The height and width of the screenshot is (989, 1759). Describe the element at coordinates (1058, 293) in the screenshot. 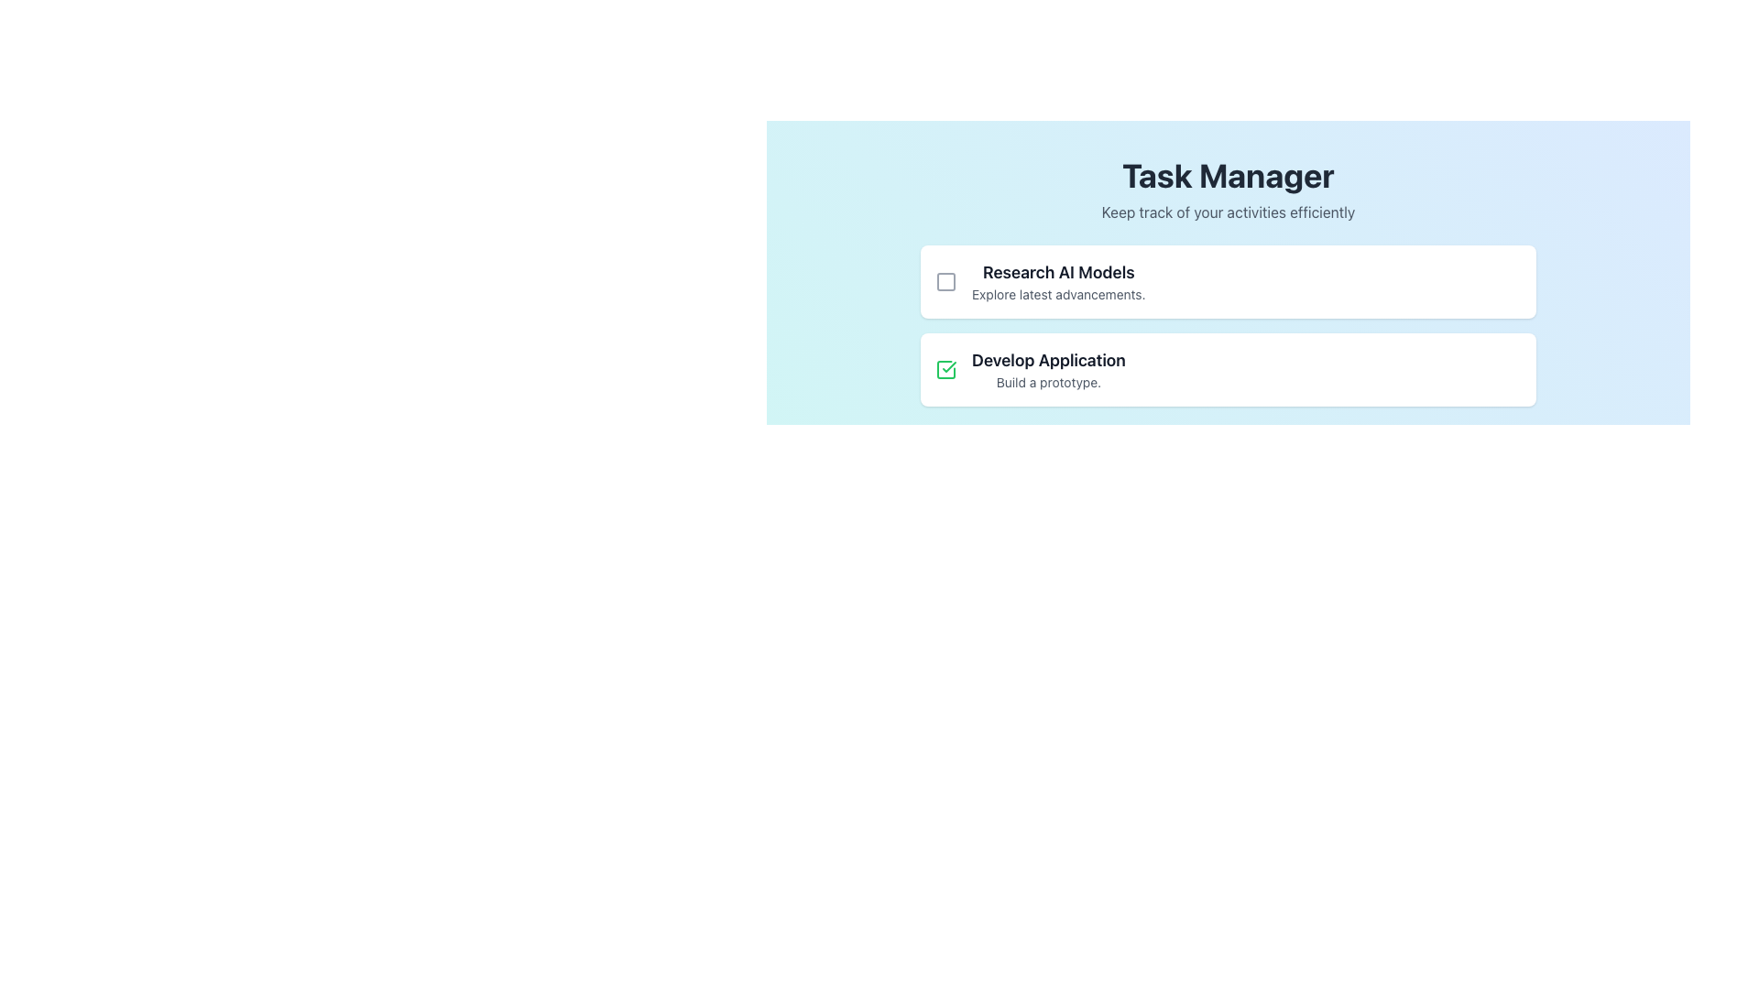

I see `the text label displaying 'Explore latest advancements.' which is located under the bolded title 'Research AI Models' in the task list` at that location.